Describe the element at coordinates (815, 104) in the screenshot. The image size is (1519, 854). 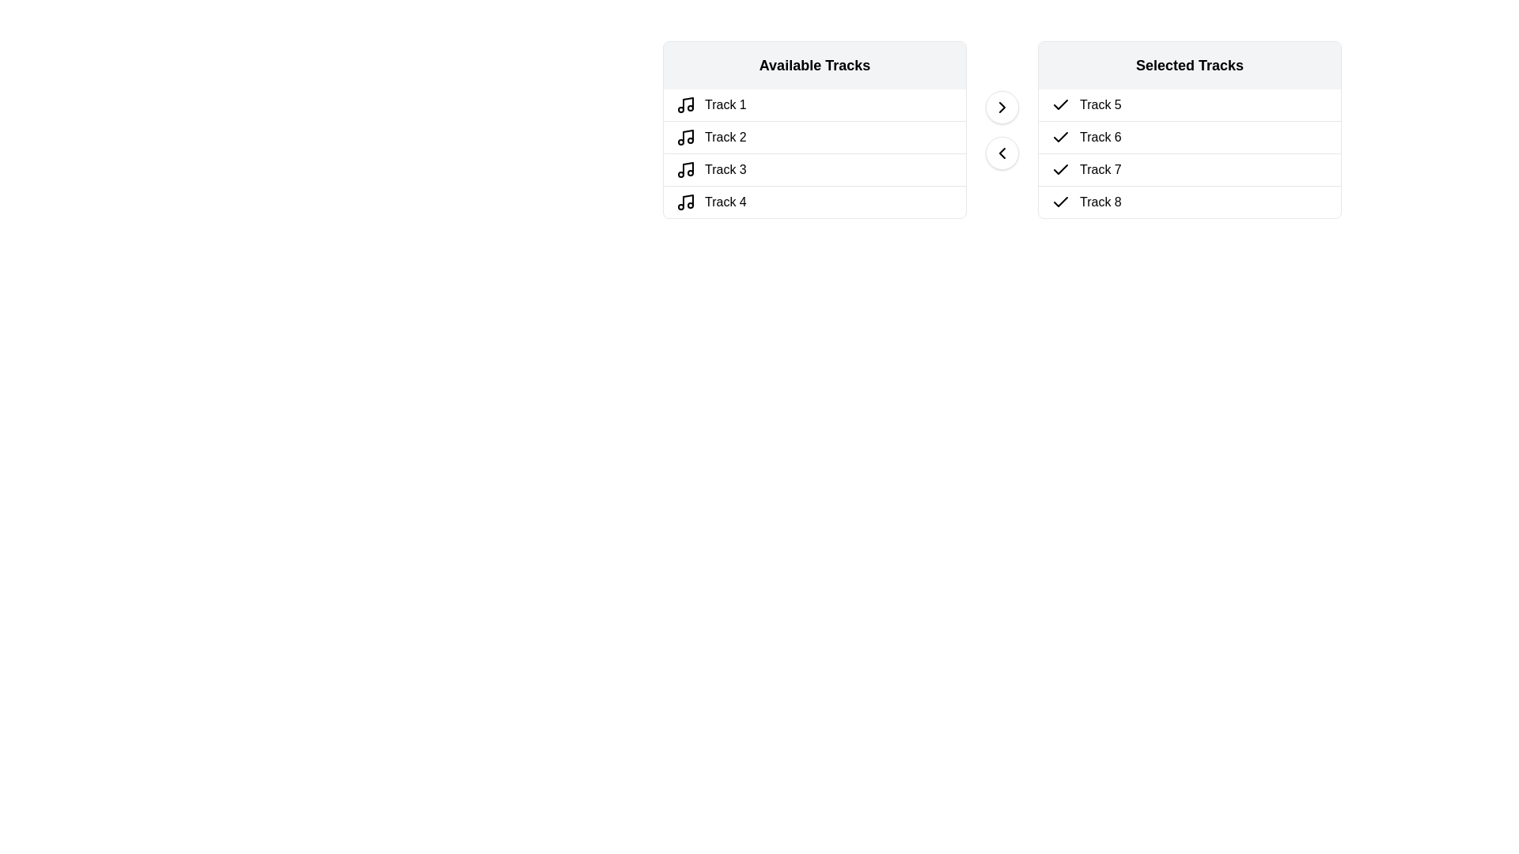
I see `the first row in the 'Available Tracks' list` at that location.